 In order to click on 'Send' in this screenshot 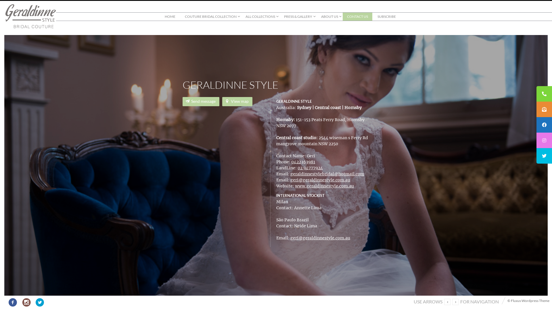, I will do `click(205, 127)`.